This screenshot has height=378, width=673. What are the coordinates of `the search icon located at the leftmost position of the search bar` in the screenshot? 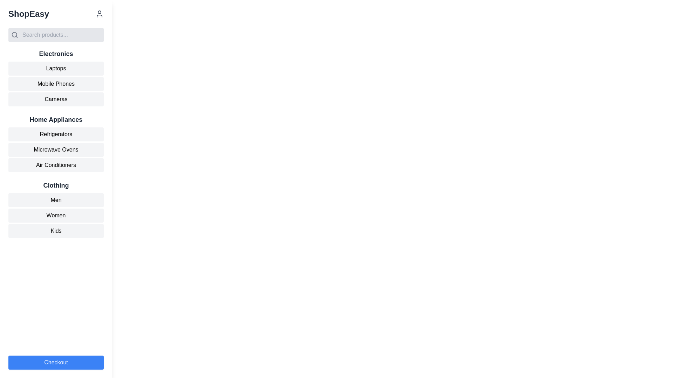 It's located at (15, 35).